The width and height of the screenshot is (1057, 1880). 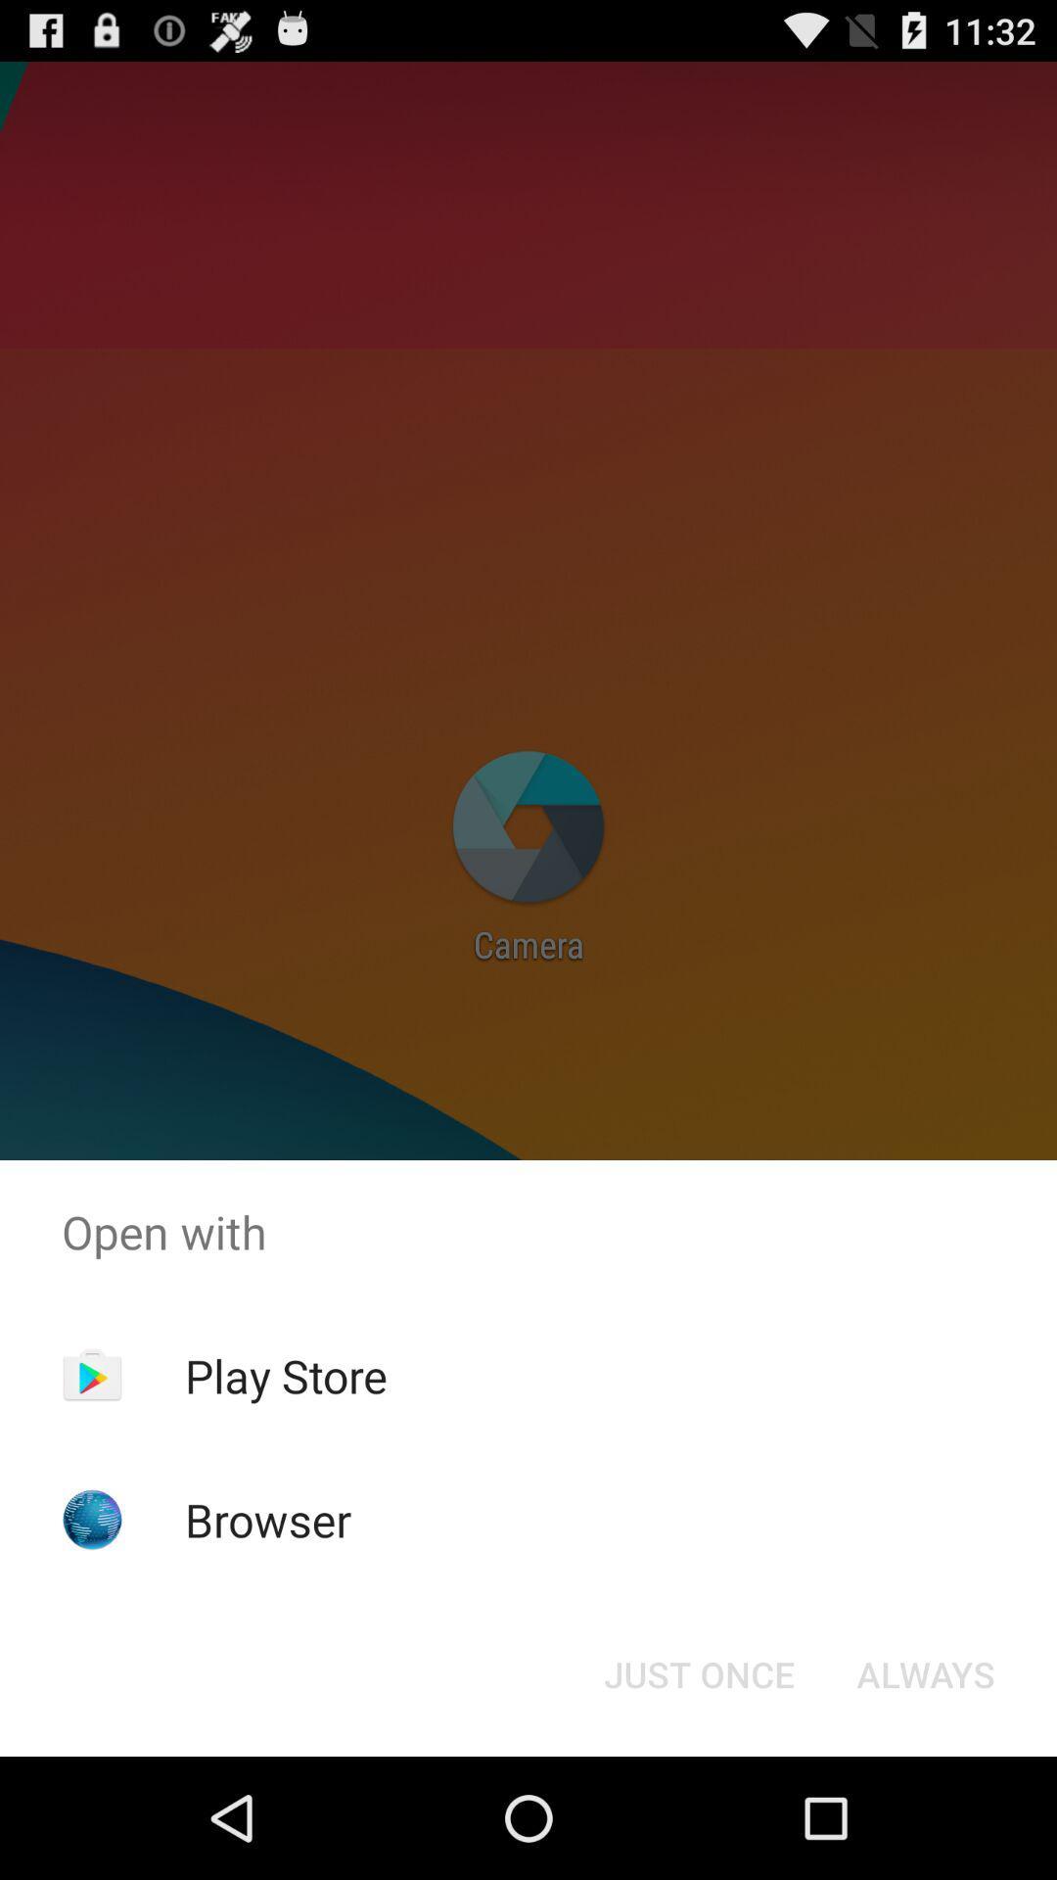 I want to click on the item next to always button, so click(x=698, y=1672).